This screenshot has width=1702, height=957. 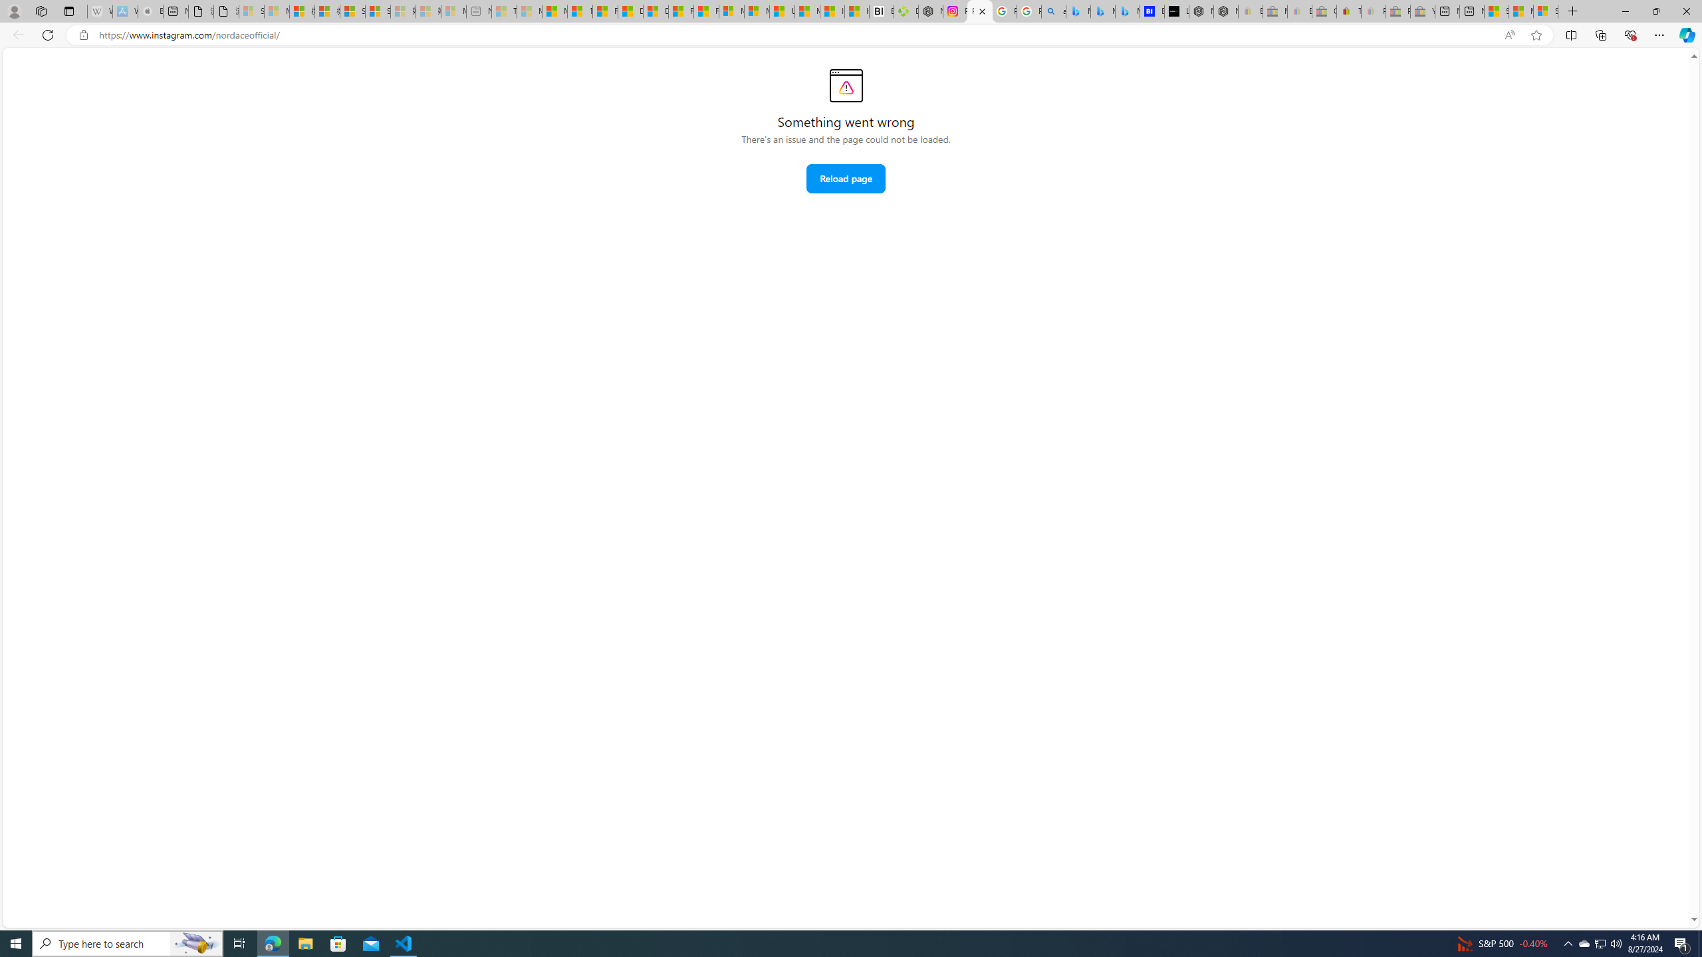 I want to click on 'Error', so click(x=845, y=84).